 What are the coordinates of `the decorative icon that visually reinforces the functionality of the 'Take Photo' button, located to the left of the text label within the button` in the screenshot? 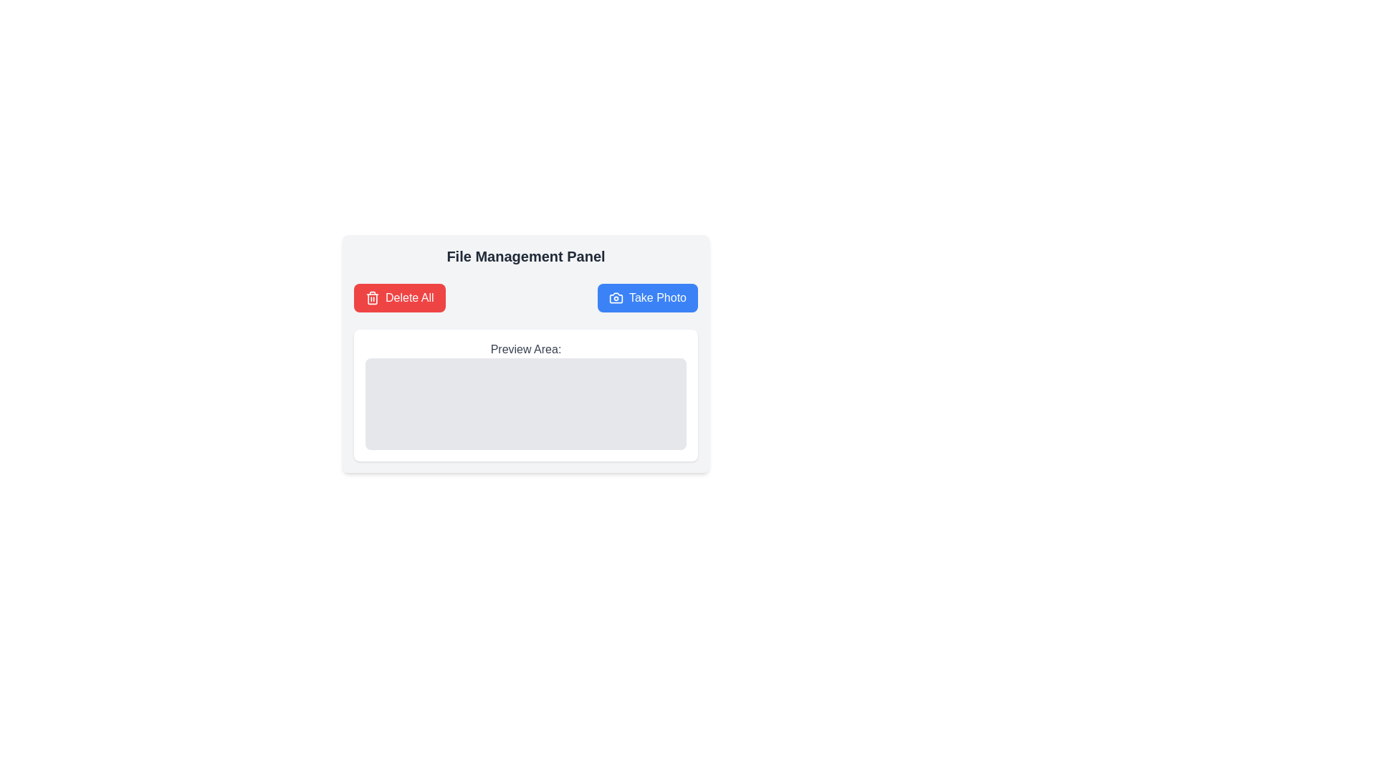 It's located at (616, 297).